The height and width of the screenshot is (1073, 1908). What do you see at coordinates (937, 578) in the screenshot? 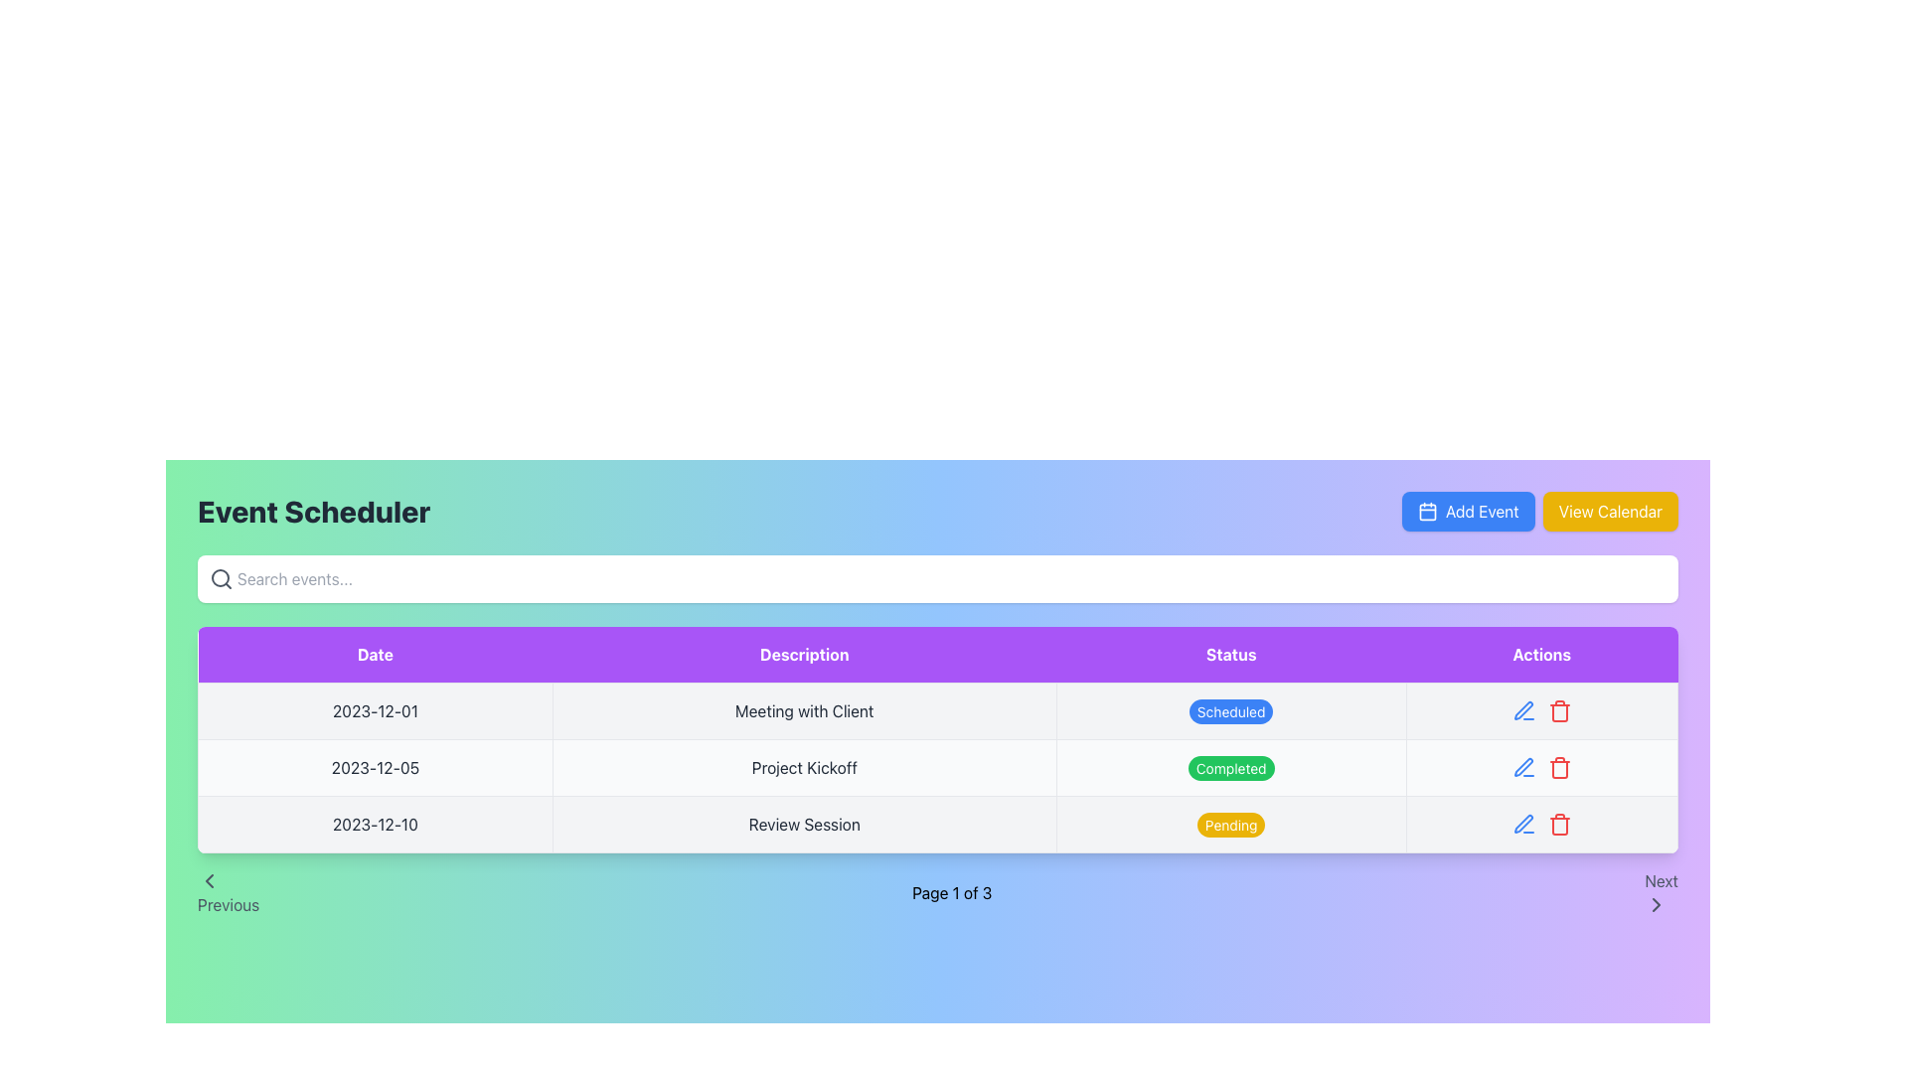
I see `the text input field for searching events, which is styled with a rounded border and shadow effect, located near the top of the main content area under the 'Event Scheduler' header` at bounding box center [937, 578].